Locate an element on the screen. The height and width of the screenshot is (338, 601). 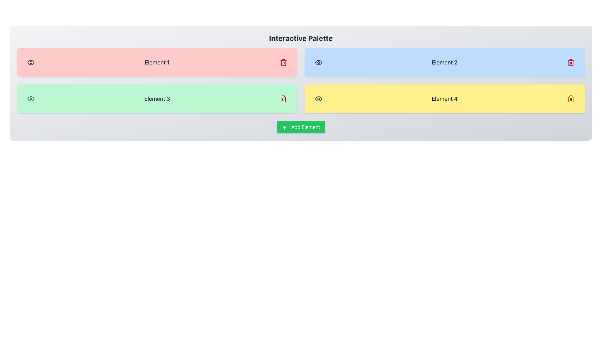
the 'Add Element' icon located to the left of the 'Add Element' button, which signifies the functionality of adding new elements is located at coordinates (284, 127).